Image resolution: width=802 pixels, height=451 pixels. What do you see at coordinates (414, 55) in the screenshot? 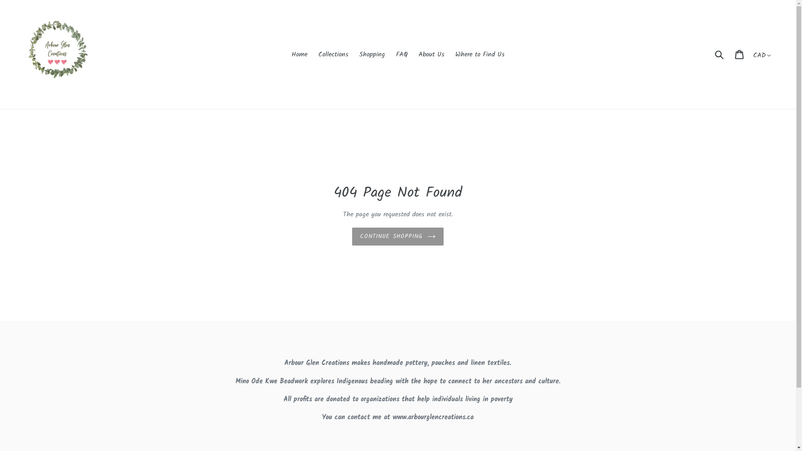
I see `'About Us'` at bounding box center [414, 55].